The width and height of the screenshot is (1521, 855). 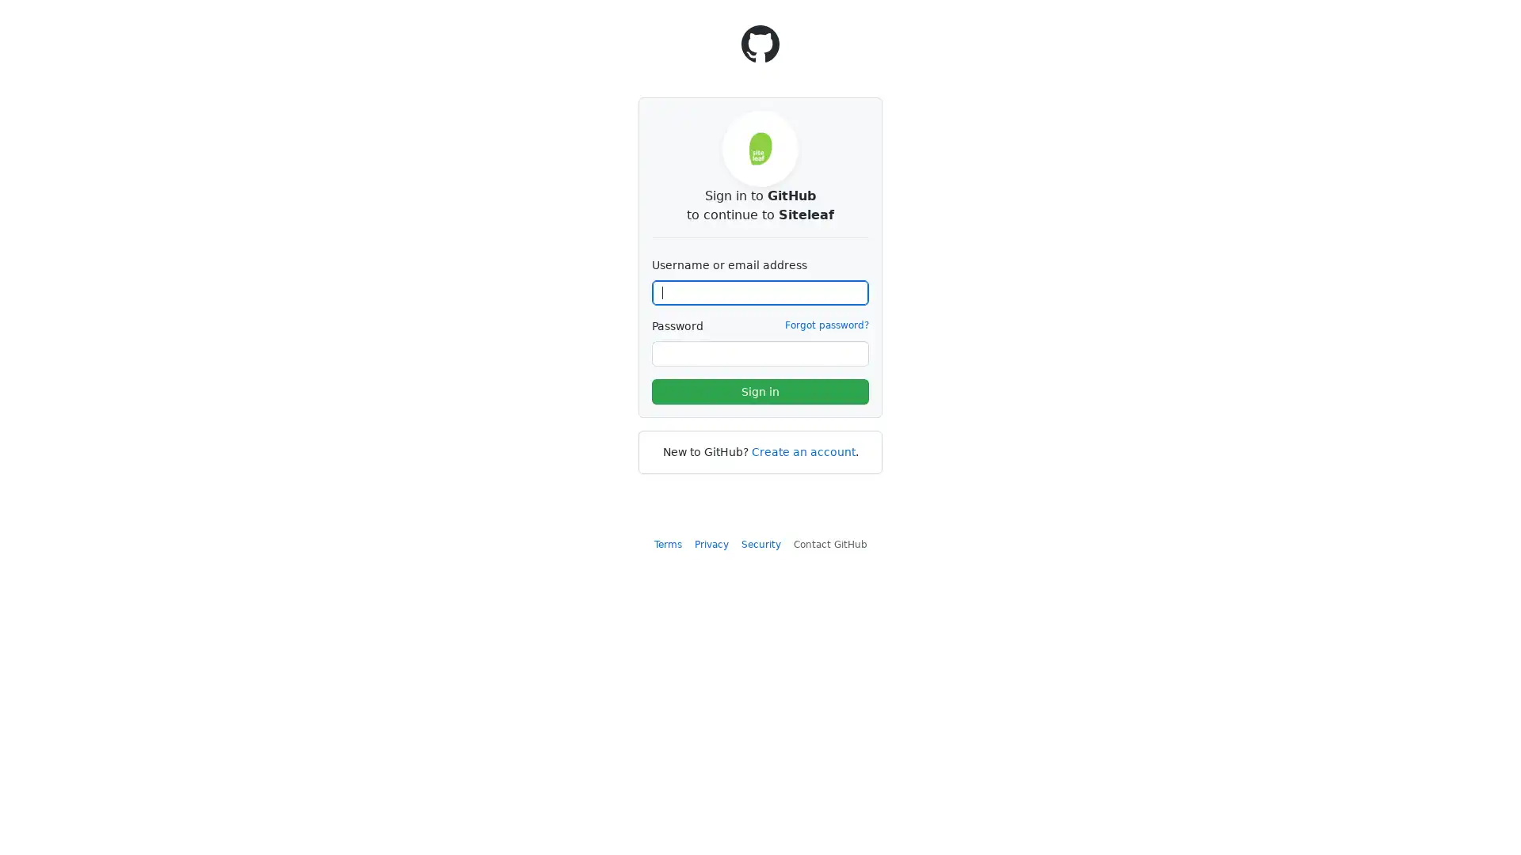 I want to click on Sign in, so click(x=760, y=391).